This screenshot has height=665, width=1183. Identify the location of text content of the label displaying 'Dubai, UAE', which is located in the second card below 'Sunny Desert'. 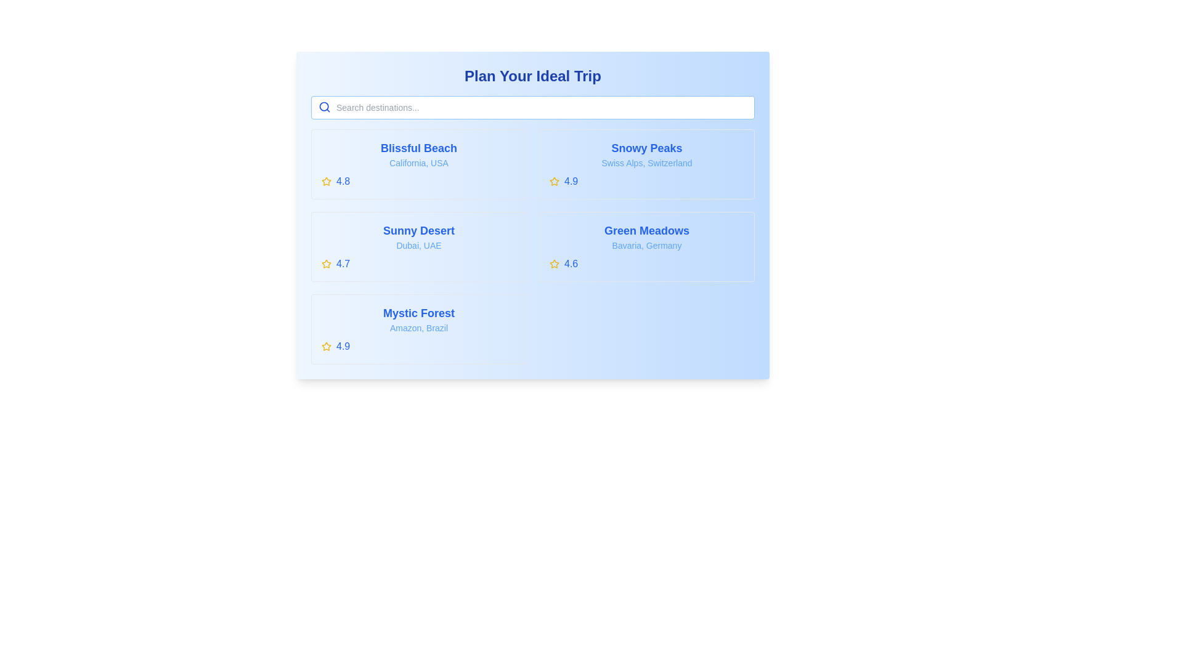
(419, 245).